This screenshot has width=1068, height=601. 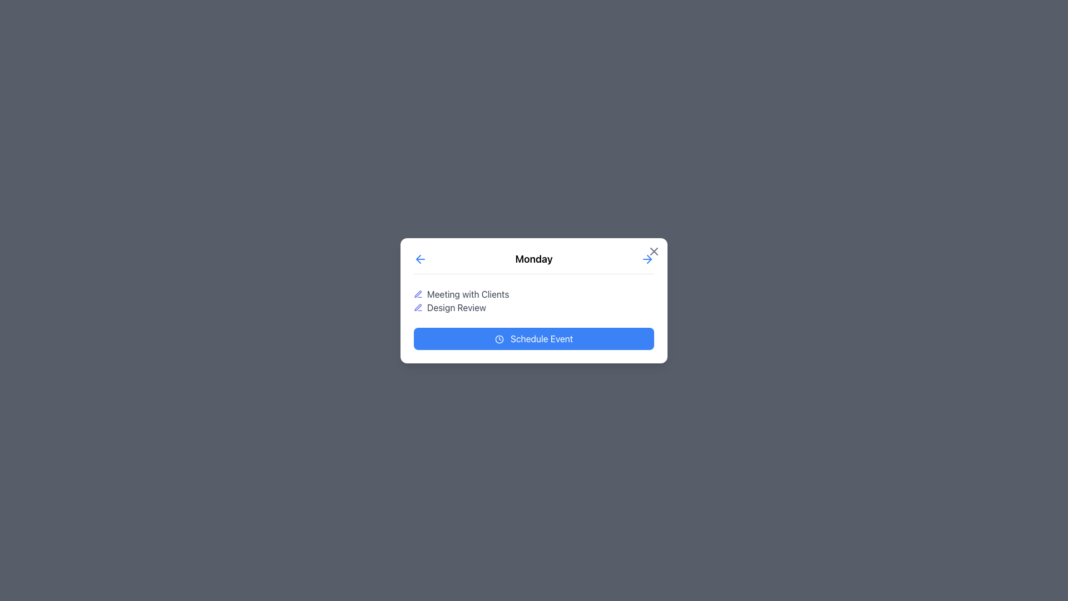 I want to click on the editing icon located to the left of the 'Design Review' text entry, which serves as a visual cue for editing functionality, so click(x=417, y=293).